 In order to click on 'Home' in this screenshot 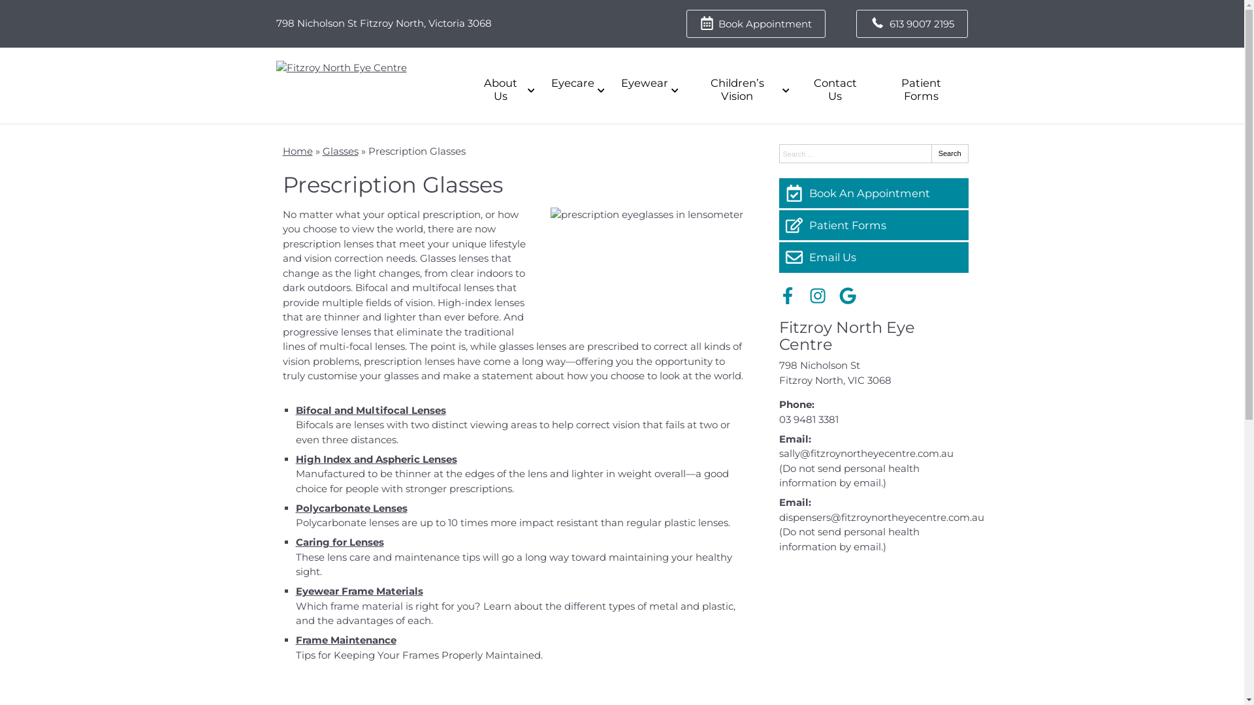, I will do `click(297, 150)`.